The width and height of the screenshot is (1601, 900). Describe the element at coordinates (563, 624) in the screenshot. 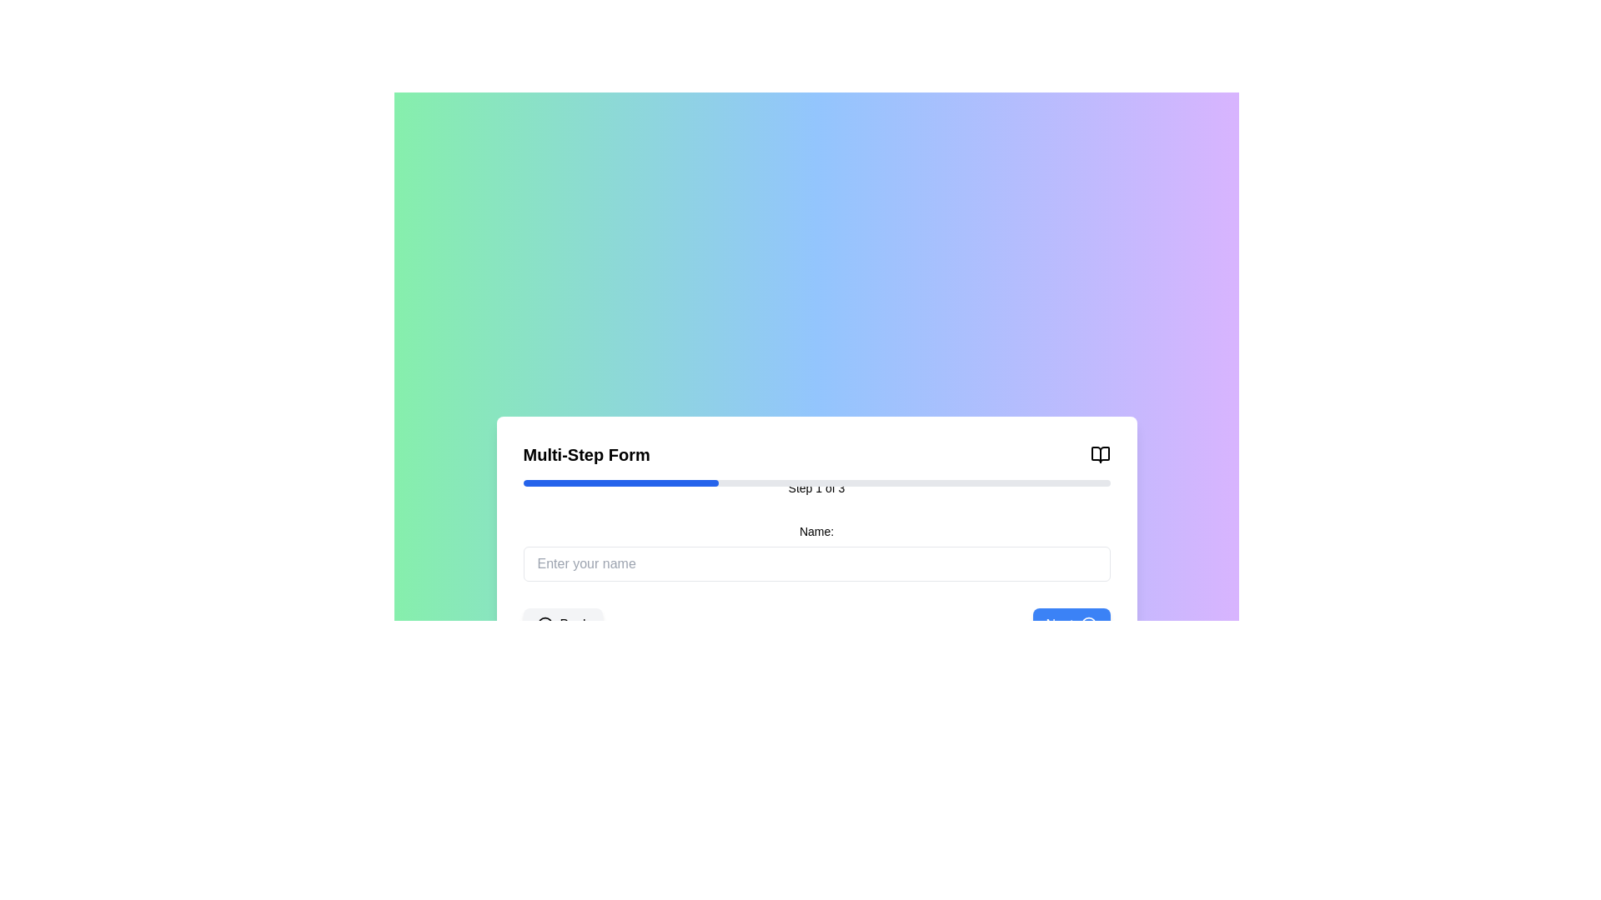

I see `the 'Back' button, which has a soft gray background, rounded corners, and a leftward-pointing circular arrow icon` at that location.